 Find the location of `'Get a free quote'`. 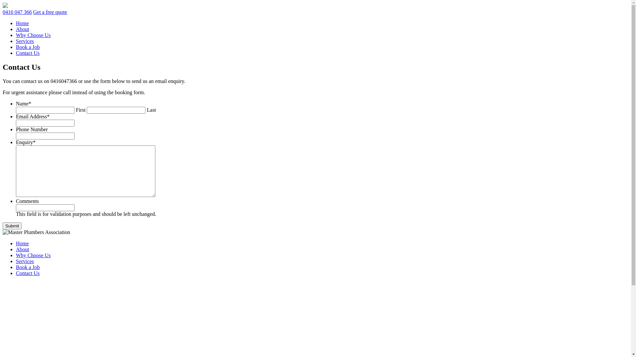

'Get a free quote' is located at coordinates (50, 12).